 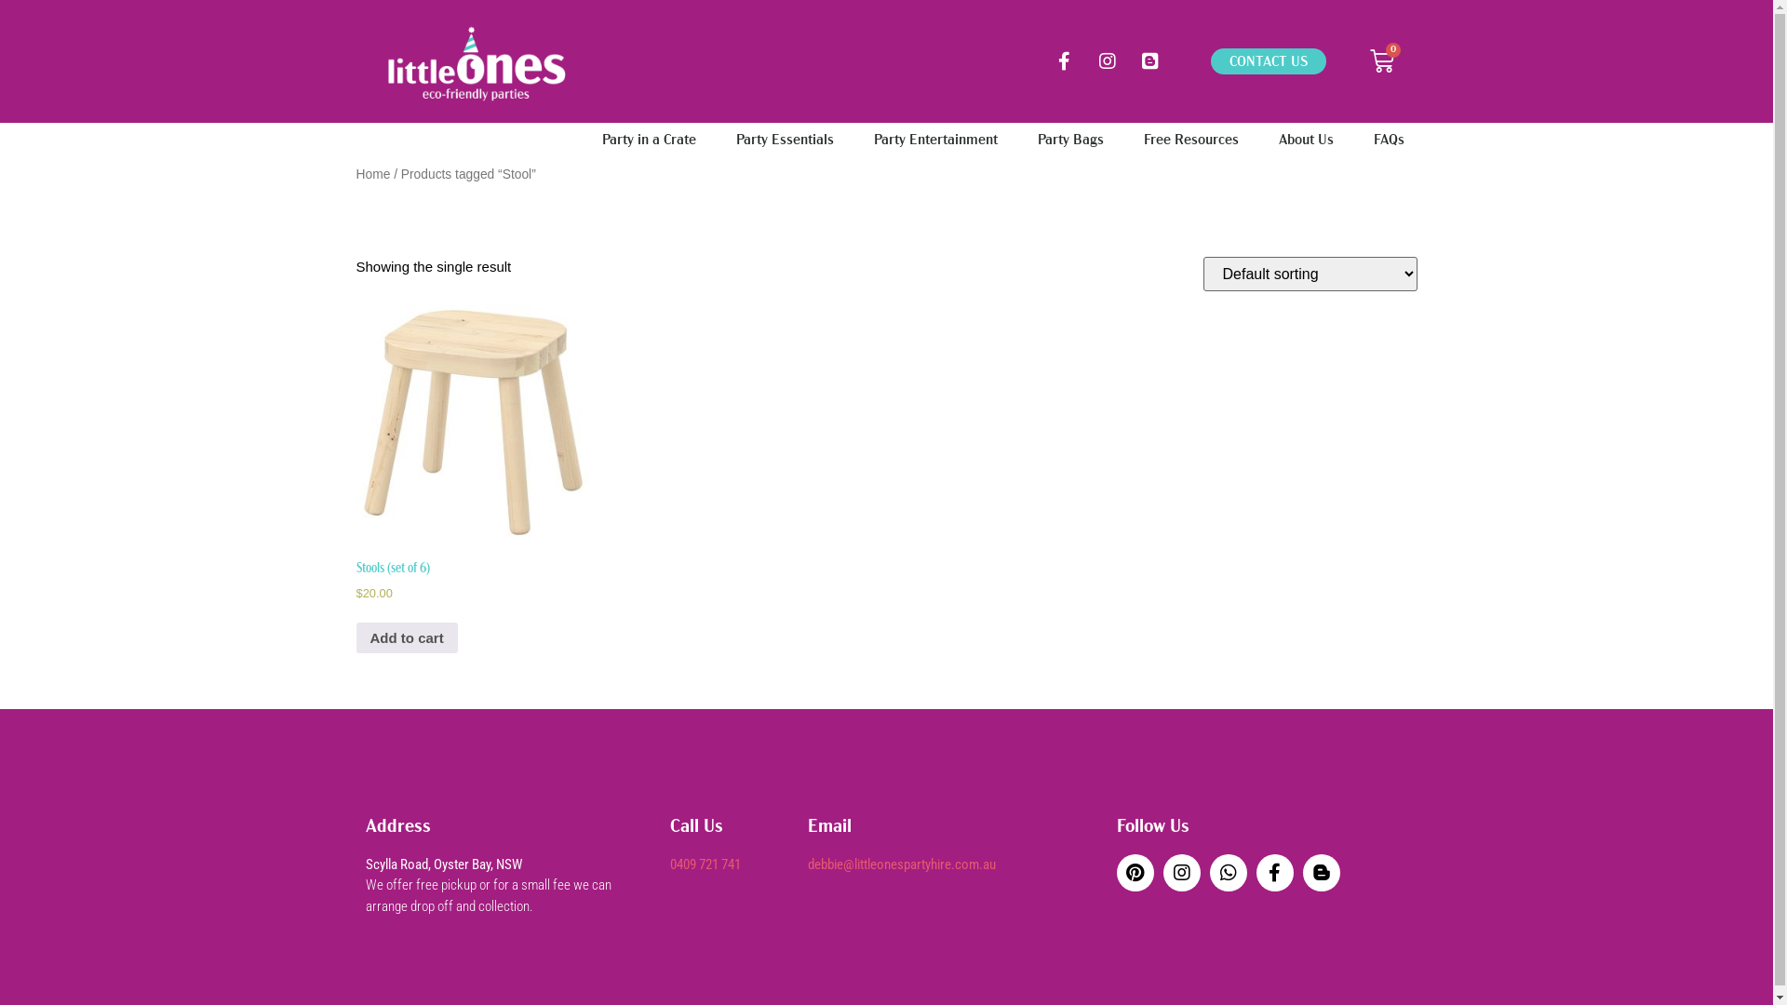 What do you see at coordinates (705, 864) in the screenshot?
I see `'0409 721 741'` at bounding box center [705, 864].